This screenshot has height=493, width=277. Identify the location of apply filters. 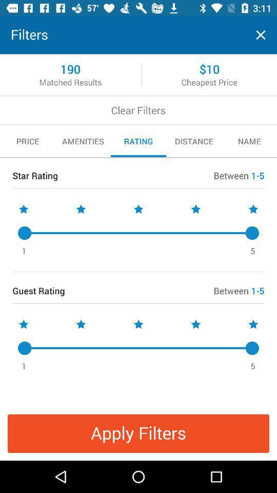
(138, 433).